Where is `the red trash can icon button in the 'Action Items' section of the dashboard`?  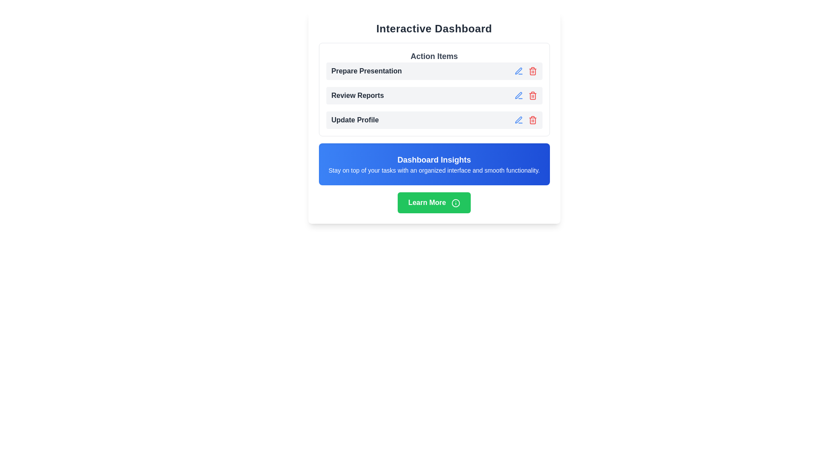 the red trash can icon button in the 'Action Items' section of the dashboard is located at coordinates (532, 70).